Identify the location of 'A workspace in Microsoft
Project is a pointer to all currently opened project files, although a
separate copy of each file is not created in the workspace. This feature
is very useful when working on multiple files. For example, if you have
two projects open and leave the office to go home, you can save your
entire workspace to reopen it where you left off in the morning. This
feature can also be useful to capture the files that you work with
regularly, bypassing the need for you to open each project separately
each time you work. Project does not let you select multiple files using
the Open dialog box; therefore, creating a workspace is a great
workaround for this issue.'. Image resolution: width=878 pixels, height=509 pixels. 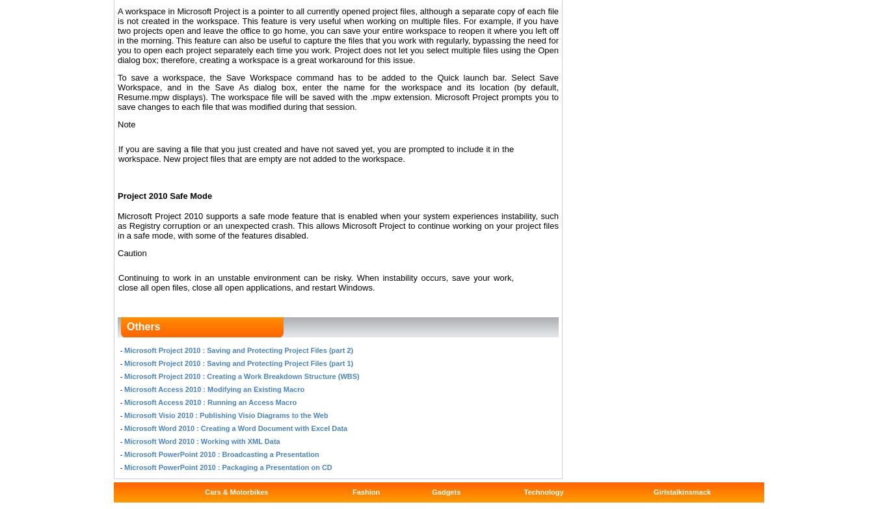
(338, 35).